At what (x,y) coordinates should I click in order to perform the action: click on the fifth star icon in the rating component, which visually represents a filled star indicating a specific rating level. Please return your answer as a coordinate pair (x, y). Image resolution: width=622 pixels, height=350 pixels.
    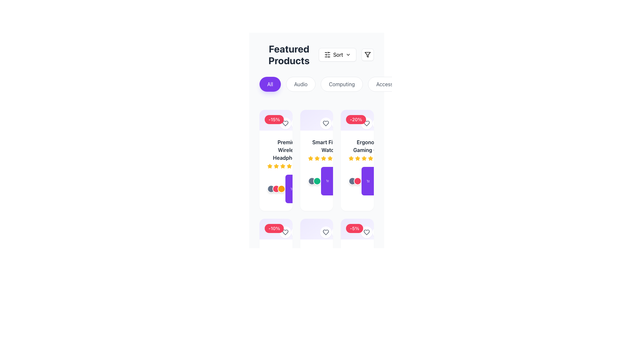
    Looking at the image, I should click on (371, 158).